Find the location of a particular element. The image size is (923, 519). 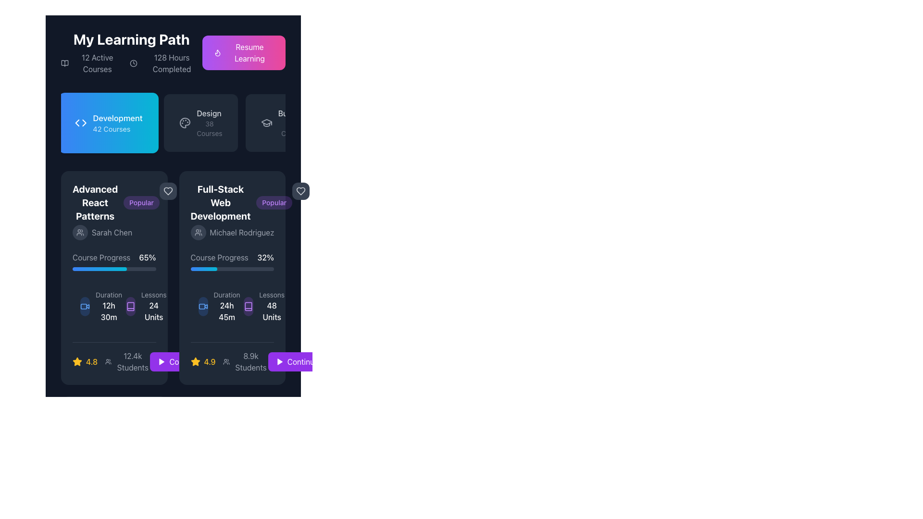

the circular purple icon featuring a book symbol, located in the bottom portion of the left course card labeled 'Advanced React Patterns', positioned below 'Course Progress' and next to 'Lessons 24 Units' is located at coordinates (130, 306).